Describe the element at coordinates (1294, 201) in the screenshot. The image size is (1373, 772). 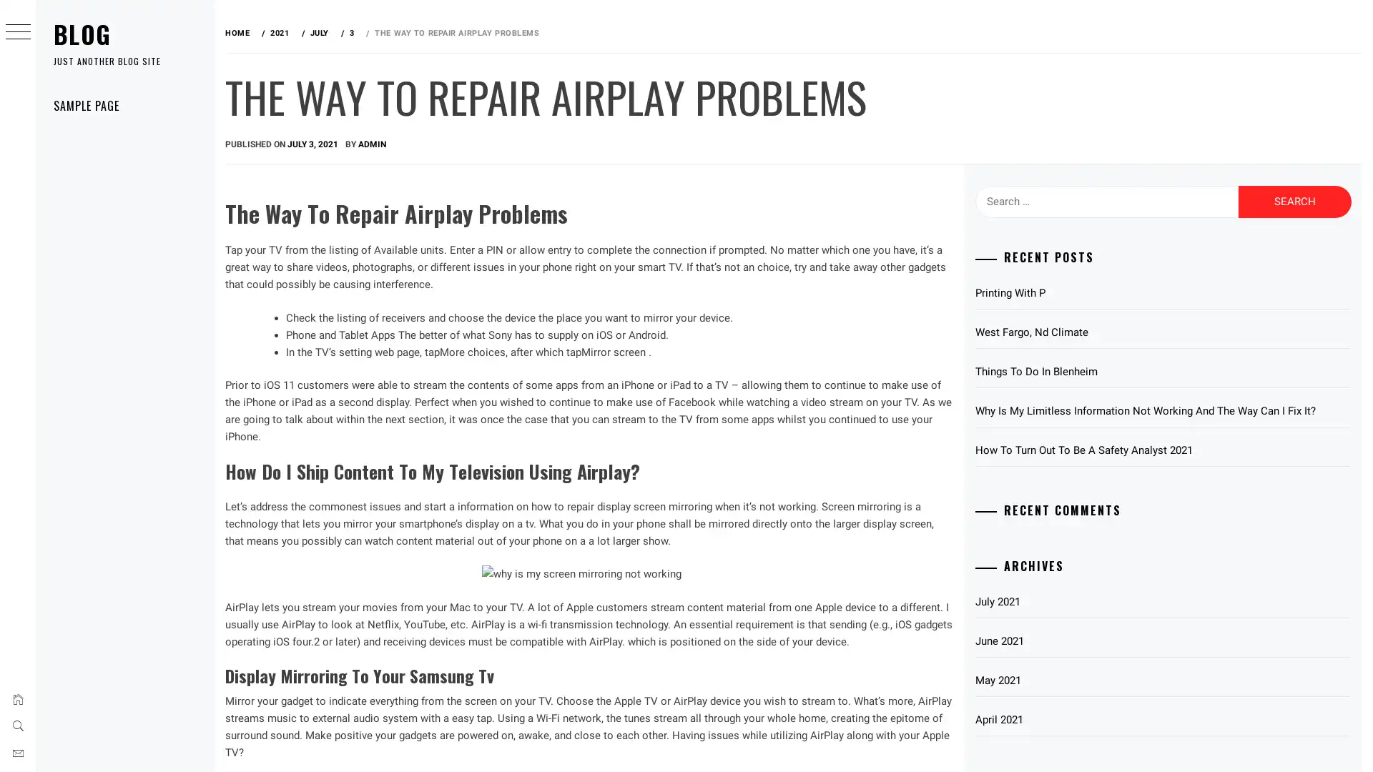
I see `Search` at that location.